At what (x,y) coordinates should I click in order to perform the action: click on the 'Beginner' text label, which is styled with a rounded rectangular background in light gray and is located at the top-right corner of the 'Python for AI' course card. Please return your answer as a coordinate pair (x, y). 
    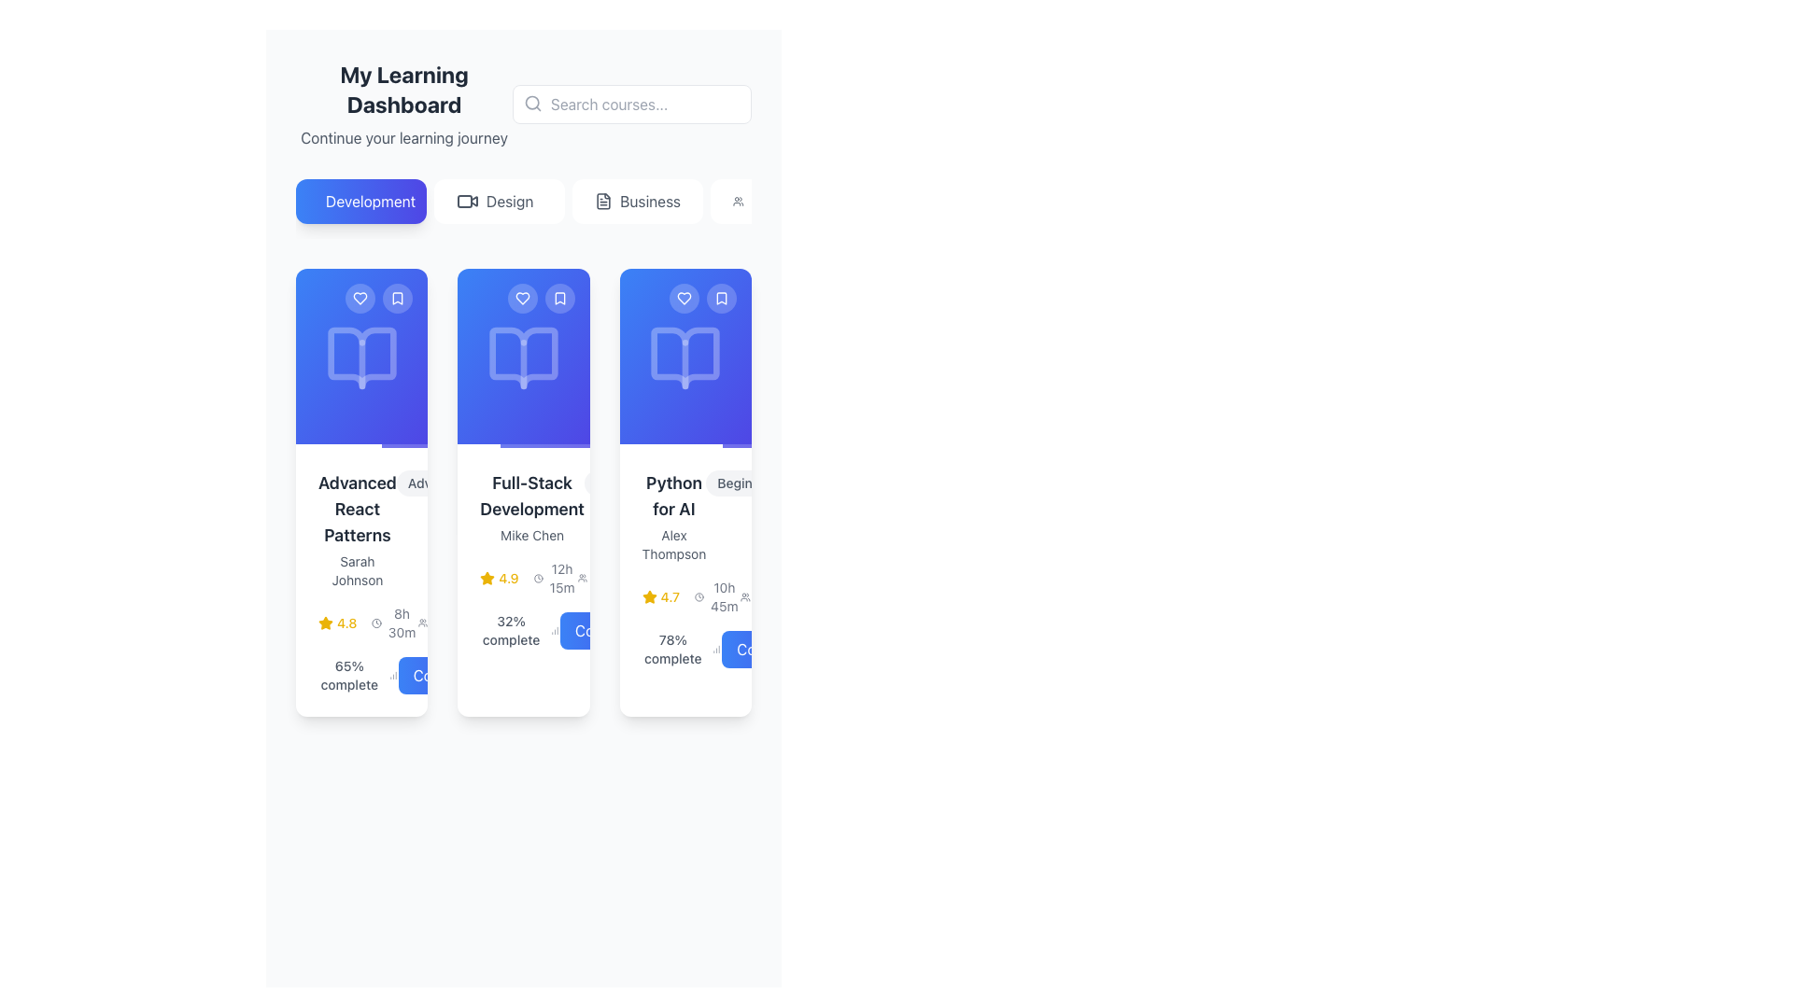
    Looking at the image, I should click on (743, 482).